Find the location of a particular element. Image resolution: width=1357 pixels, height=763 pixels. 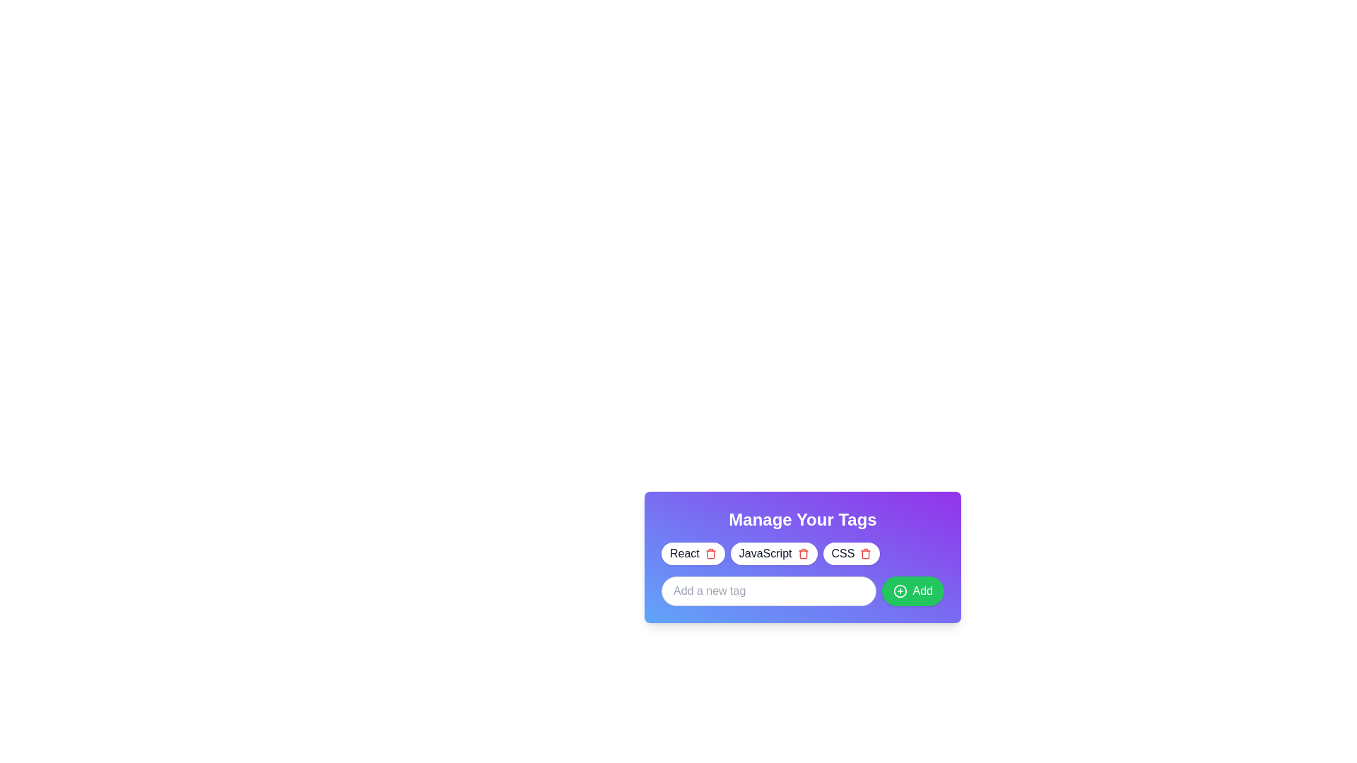

the delete icon associated with the 'JavaScript' tag, which is a pill-shaped button with dark gray text on a white background, located in the 'Manage Your Tags' section is located at coordinates (773, 552).